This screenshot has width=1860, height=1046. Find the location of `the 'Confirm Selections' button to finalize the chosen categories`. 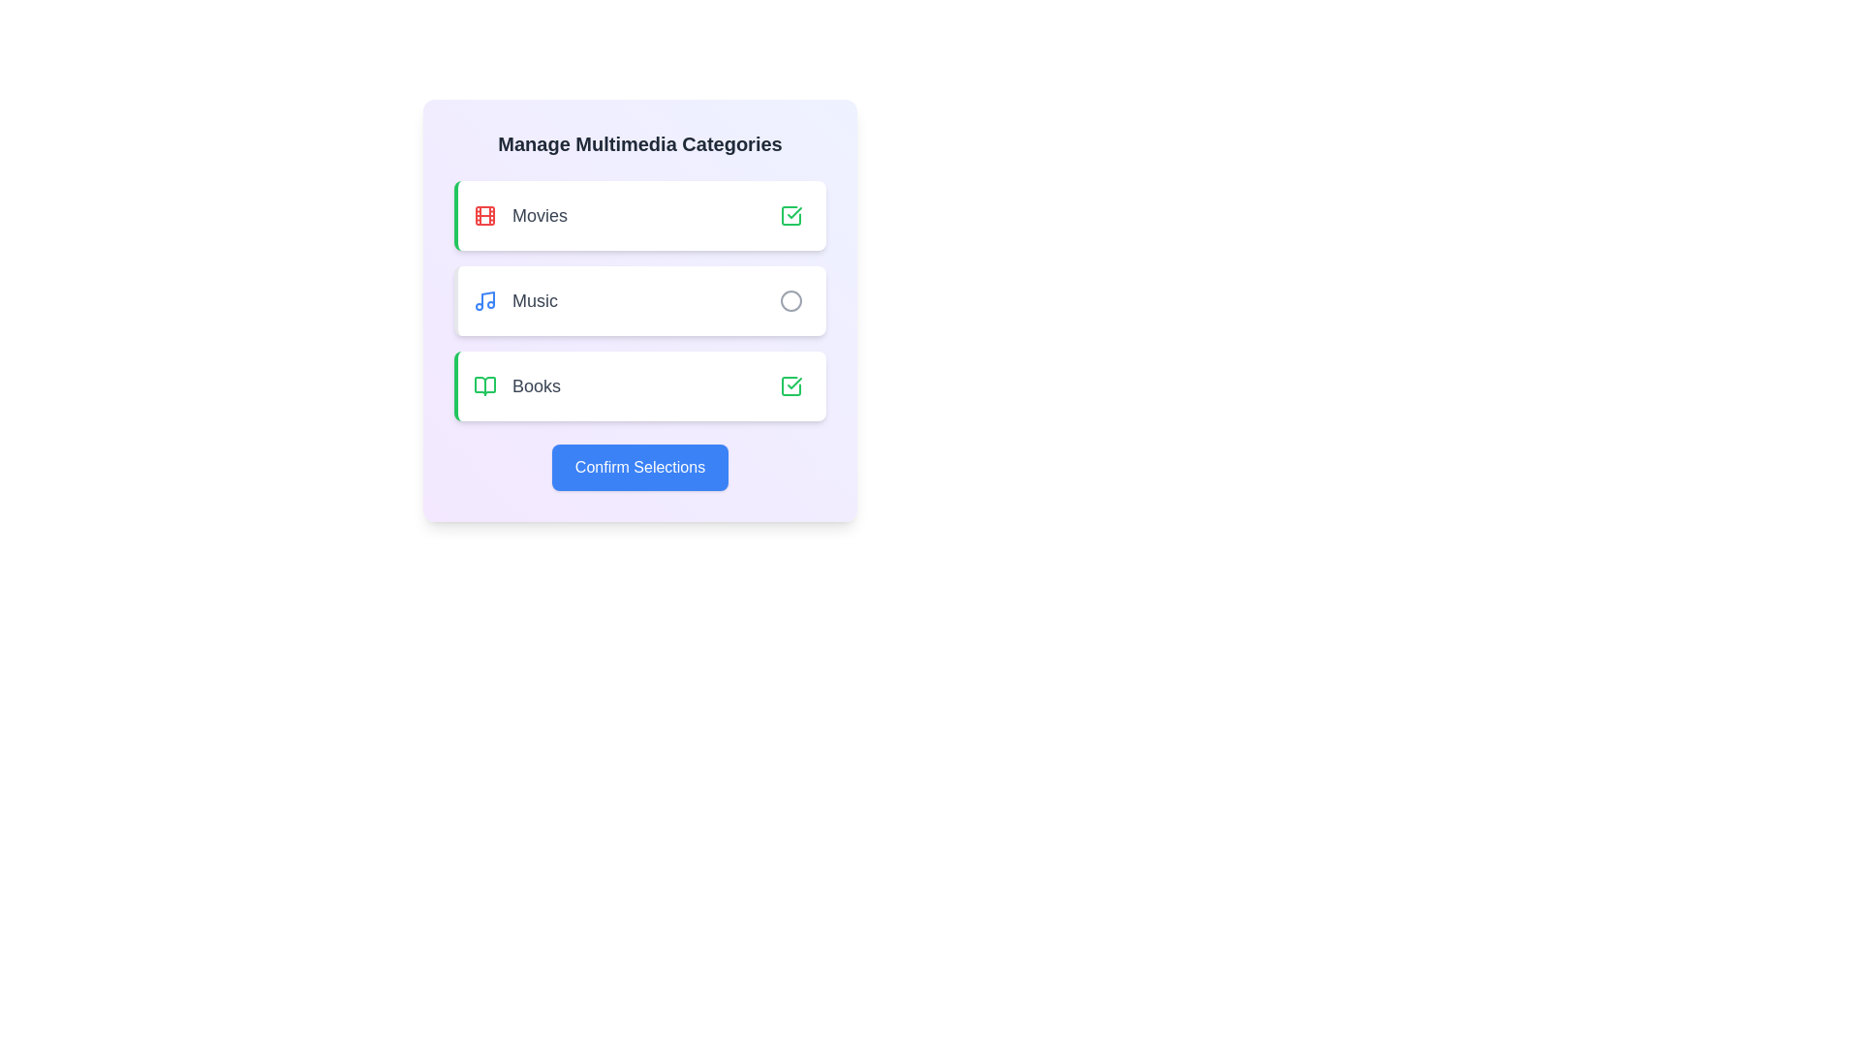

the 'Confirm Selections' button to finalize the chosen categories is located at coordinates (640, 467).